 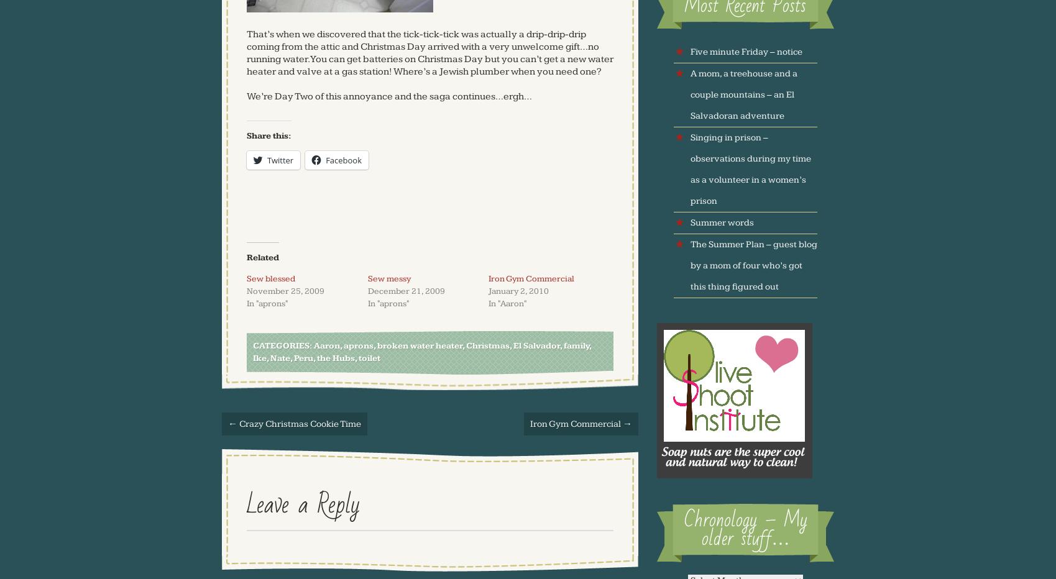 What do you see at coordinates (375, 96) in the screenshot?
I see `'We’re Day Two of this annoyance and the saga continues…'` at bounding box center [375, 96].